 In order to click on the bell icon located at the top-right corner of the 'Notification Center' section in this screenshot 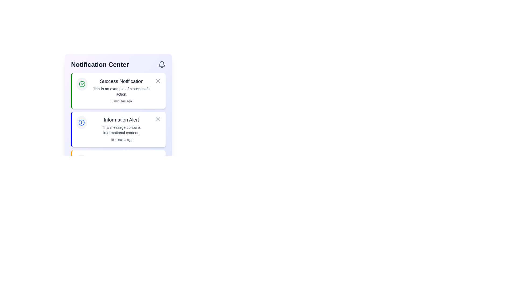, I will do `click(161, 64)`.